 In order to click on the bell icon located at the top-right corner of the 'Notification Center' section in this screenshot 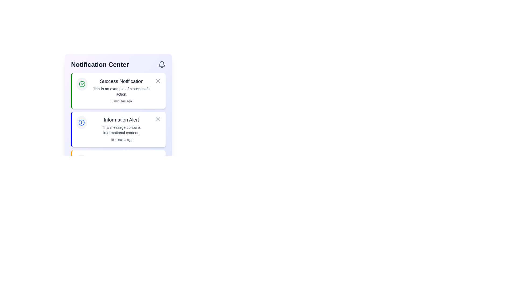, I will do `click(161, 64)`.